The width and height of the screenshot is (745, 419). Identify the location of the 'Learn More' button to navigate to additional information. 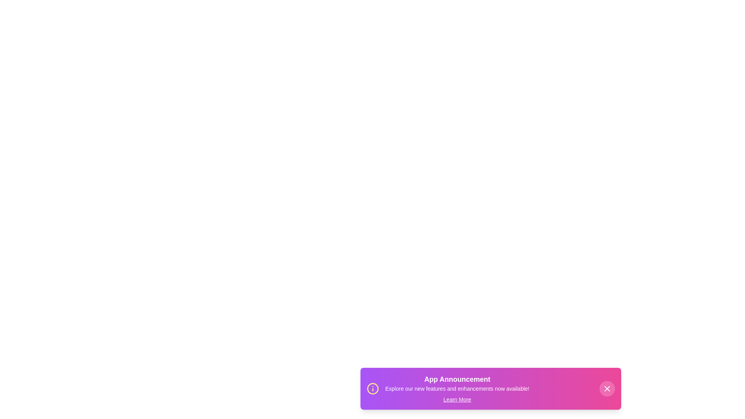
(457, 399).